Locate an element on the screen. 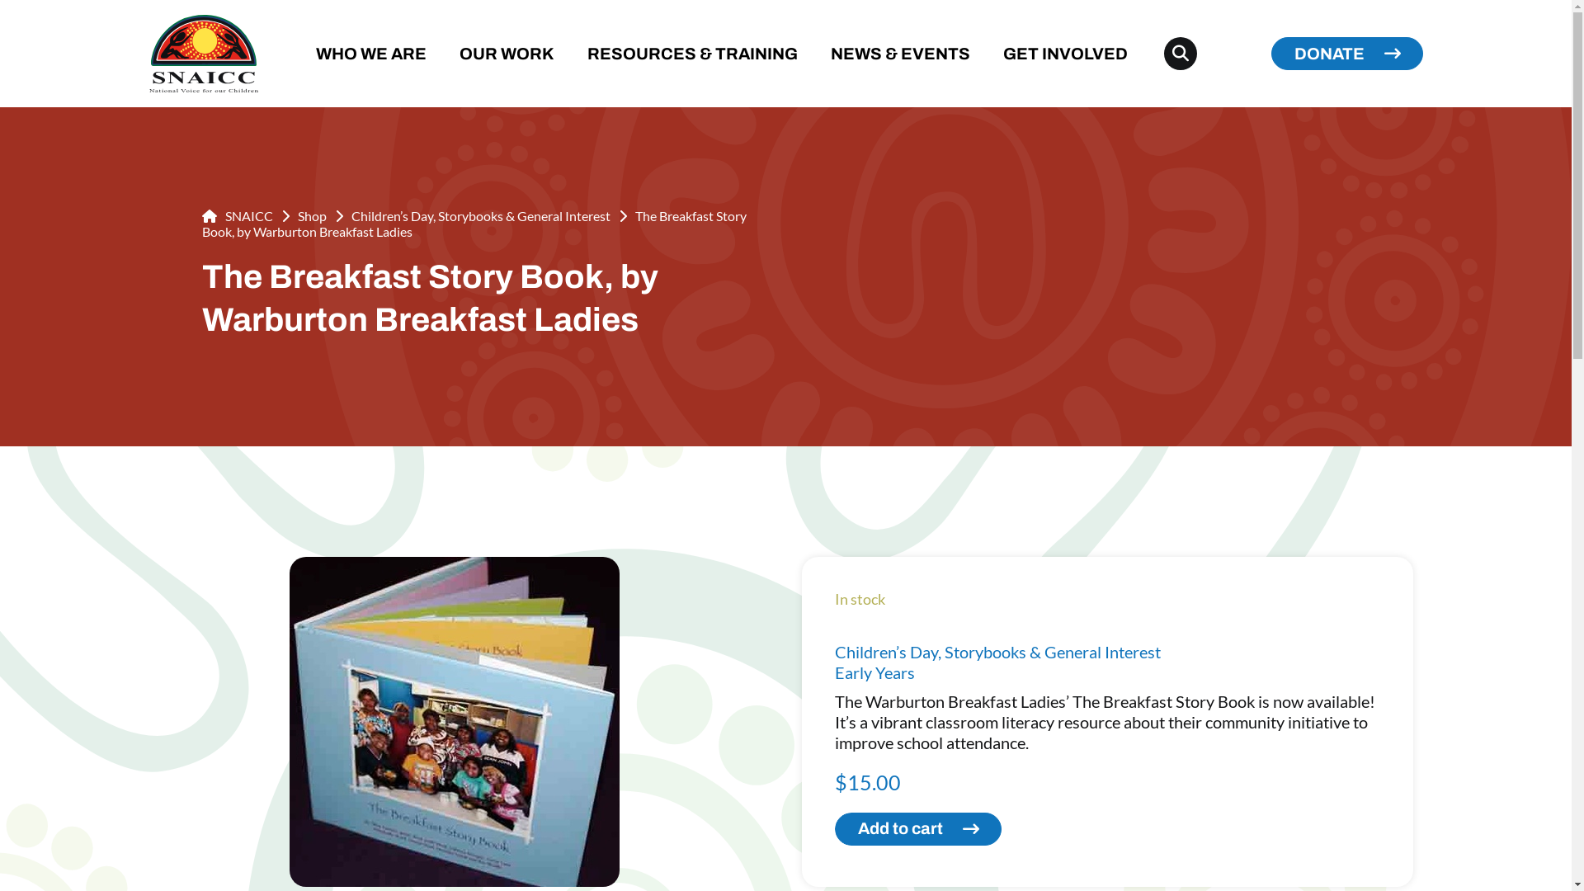  'Shop' is located at coordinates (311, 214).